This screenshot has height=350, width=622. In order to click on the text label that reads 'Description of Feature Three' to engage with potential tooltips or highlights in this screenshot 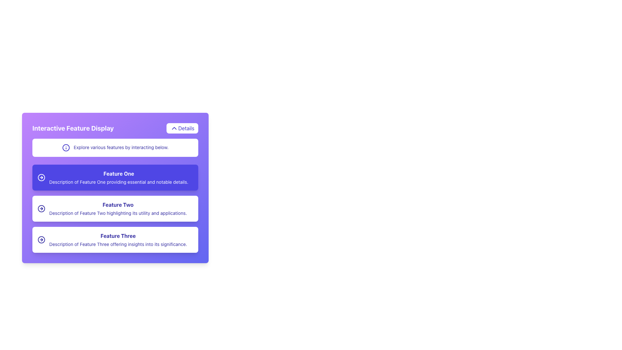, I will do `click(118, 244)`.